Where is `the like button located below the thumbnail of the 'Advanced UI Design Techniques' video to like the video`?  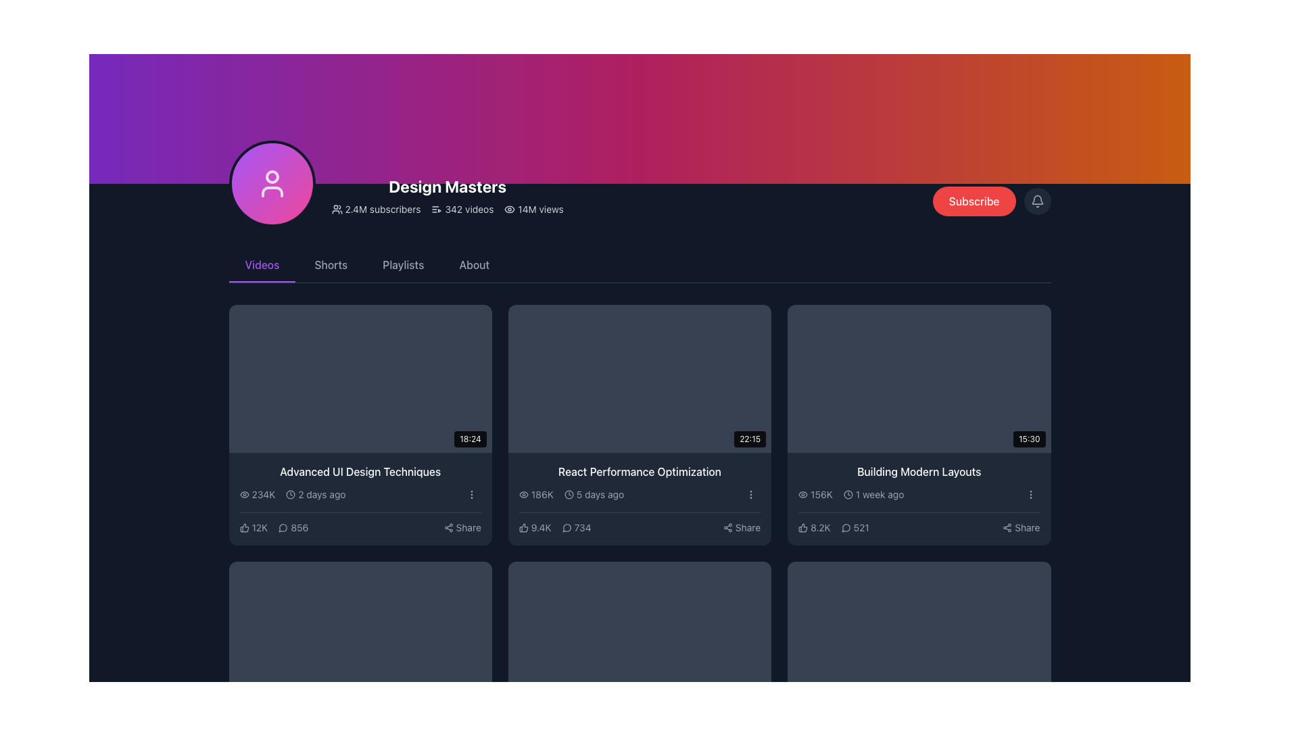
the like button located below the thumbnail of the 'Advanced UI Design Techniques' video to like the video is located at coordinates (254, 527).